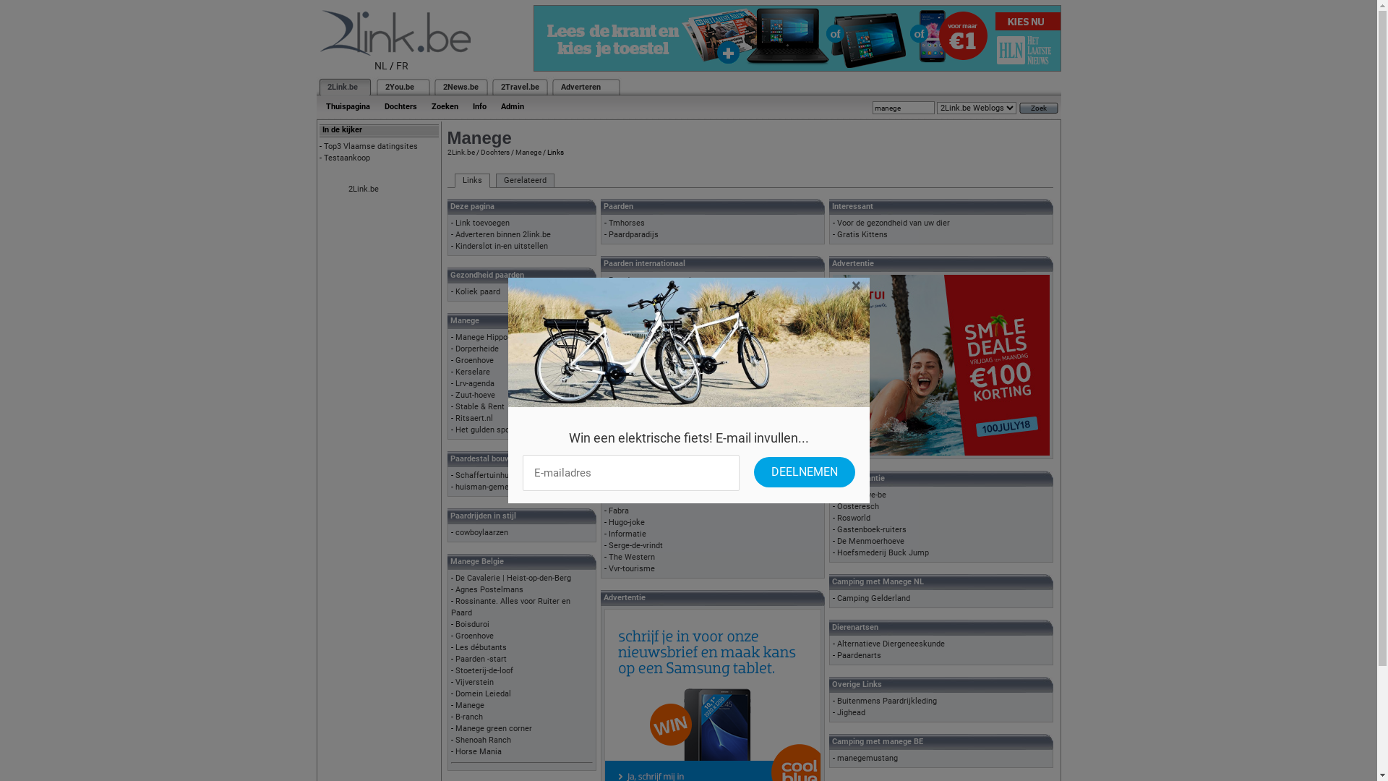  Describe the element at coordinates (882, 552) in the screenshot. I see `'Hoefsmederij Buck Jump'` at that location.